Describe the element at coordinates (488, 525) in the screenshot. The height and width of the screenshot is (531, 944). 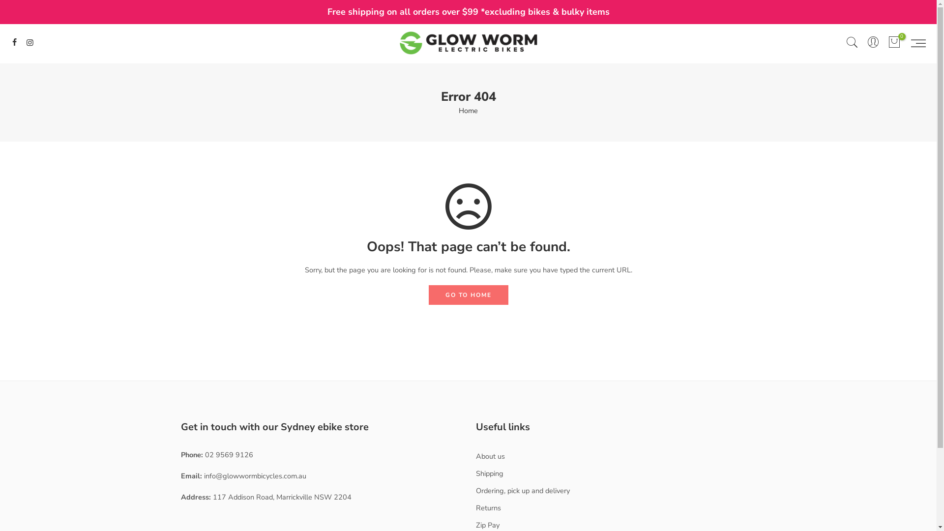
I see `'Zip Pay'` at that location.